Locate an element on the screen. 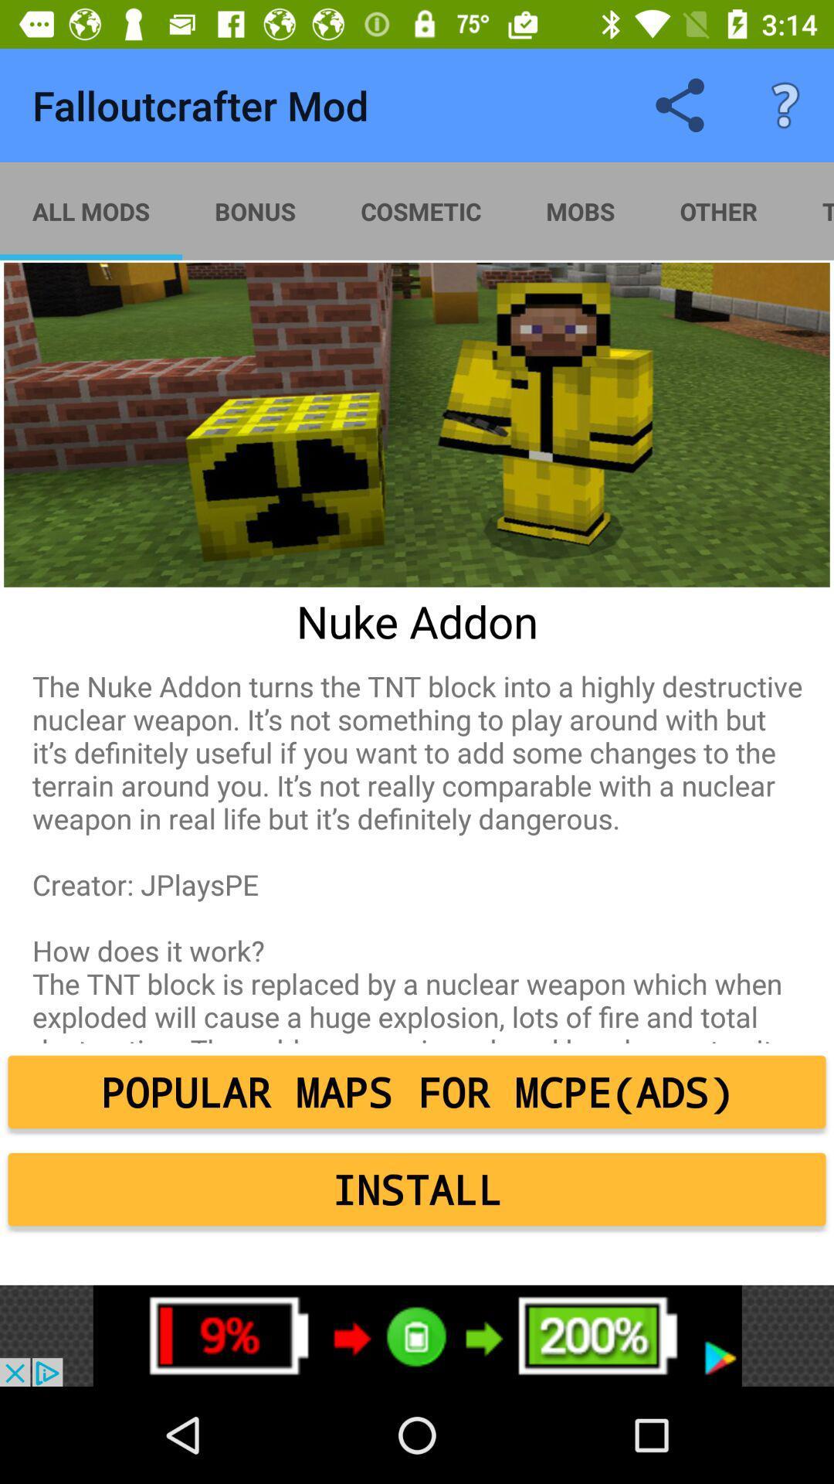 This screenshot has height=1484, width=834. the cosmetic is located at coordinates (420, 210).